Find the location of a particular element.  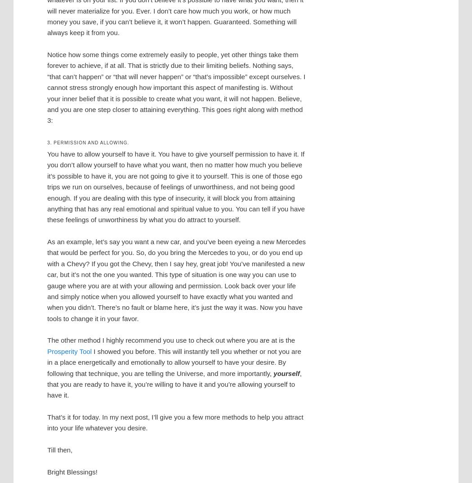

'3. Permission and Allowing.' is located at coordinates (88, 143).